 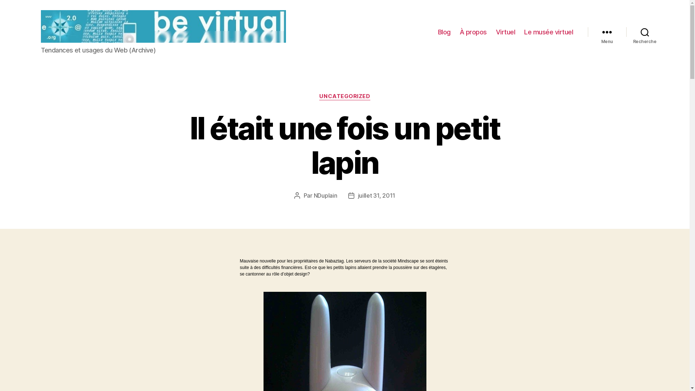 What do you see at coordinates (645, 31) in the screenshot?
I see `'Recherche'` at bounding box center [645, 31].